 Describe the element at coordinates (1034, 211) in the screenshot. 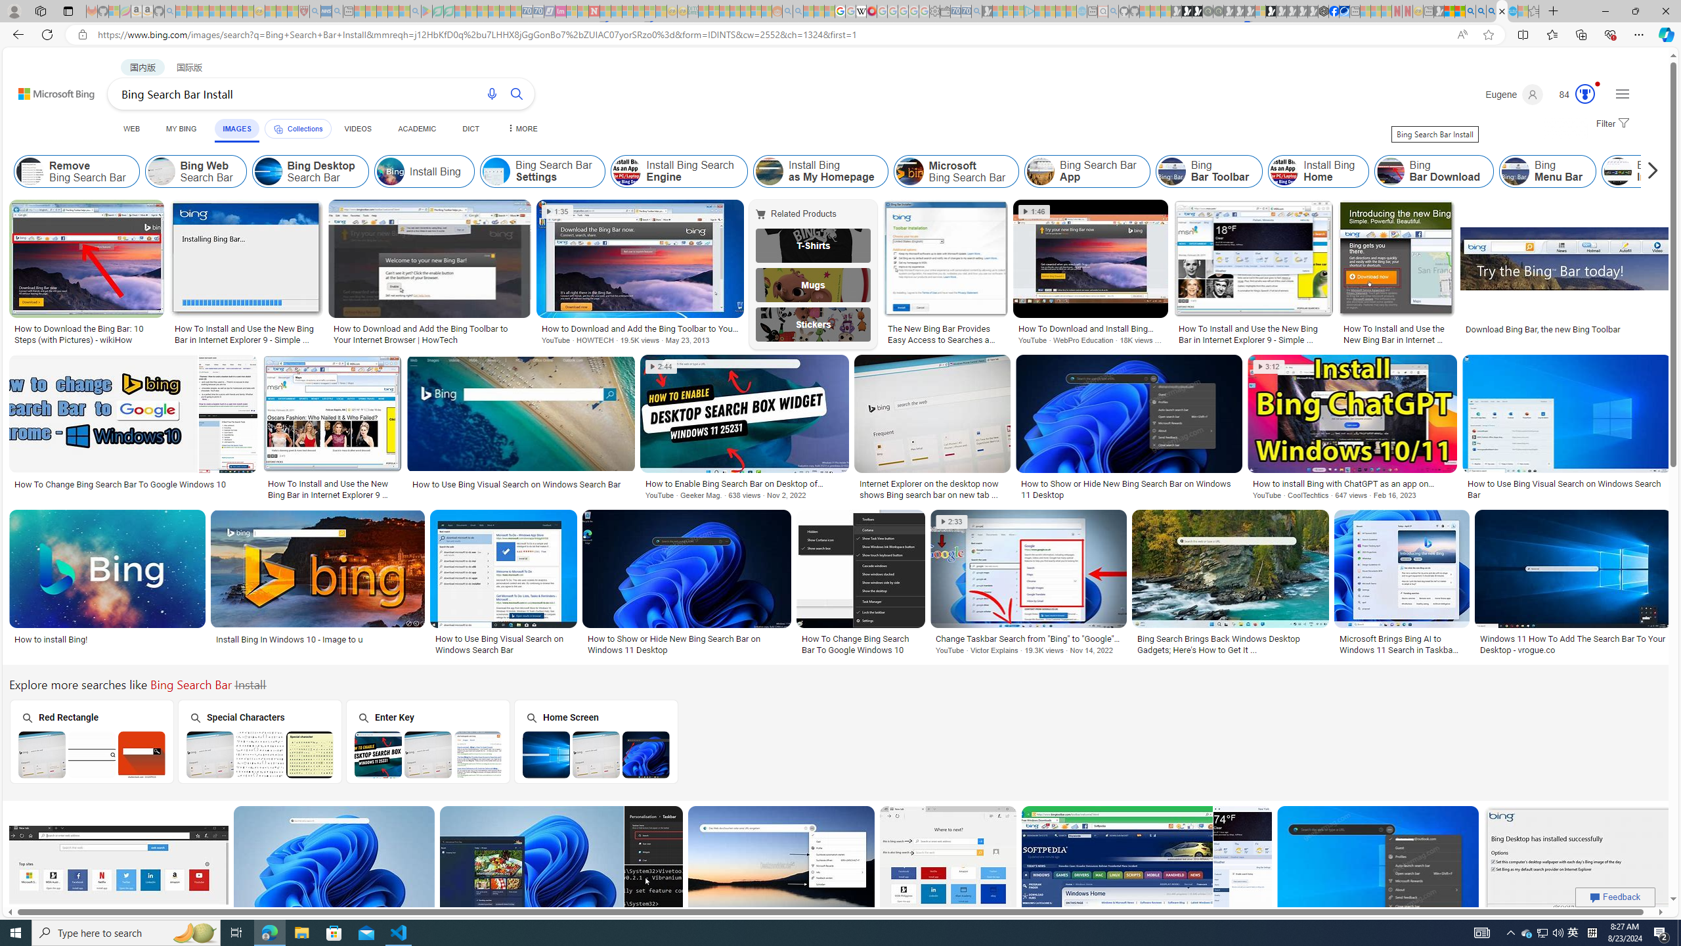

I see `'1:46'` at that location.